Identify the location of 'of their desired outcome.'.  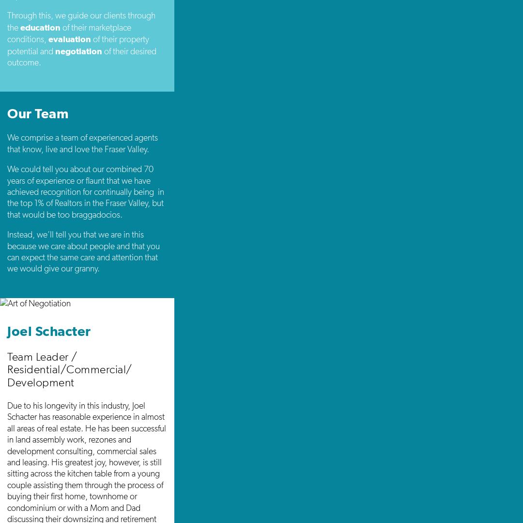
(81, 56).